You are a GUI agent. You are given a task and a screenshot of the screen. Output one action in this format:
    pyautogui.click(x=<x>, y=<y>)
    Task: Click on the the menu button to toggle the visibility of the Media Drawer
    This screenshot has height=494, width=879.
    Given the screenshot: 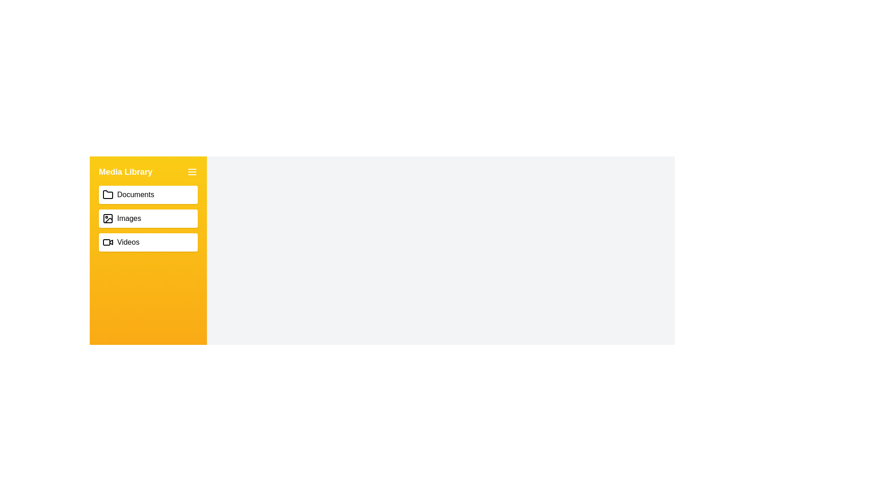 What is the action you would take?
    pyautogui.click(x=192, y=172)
    